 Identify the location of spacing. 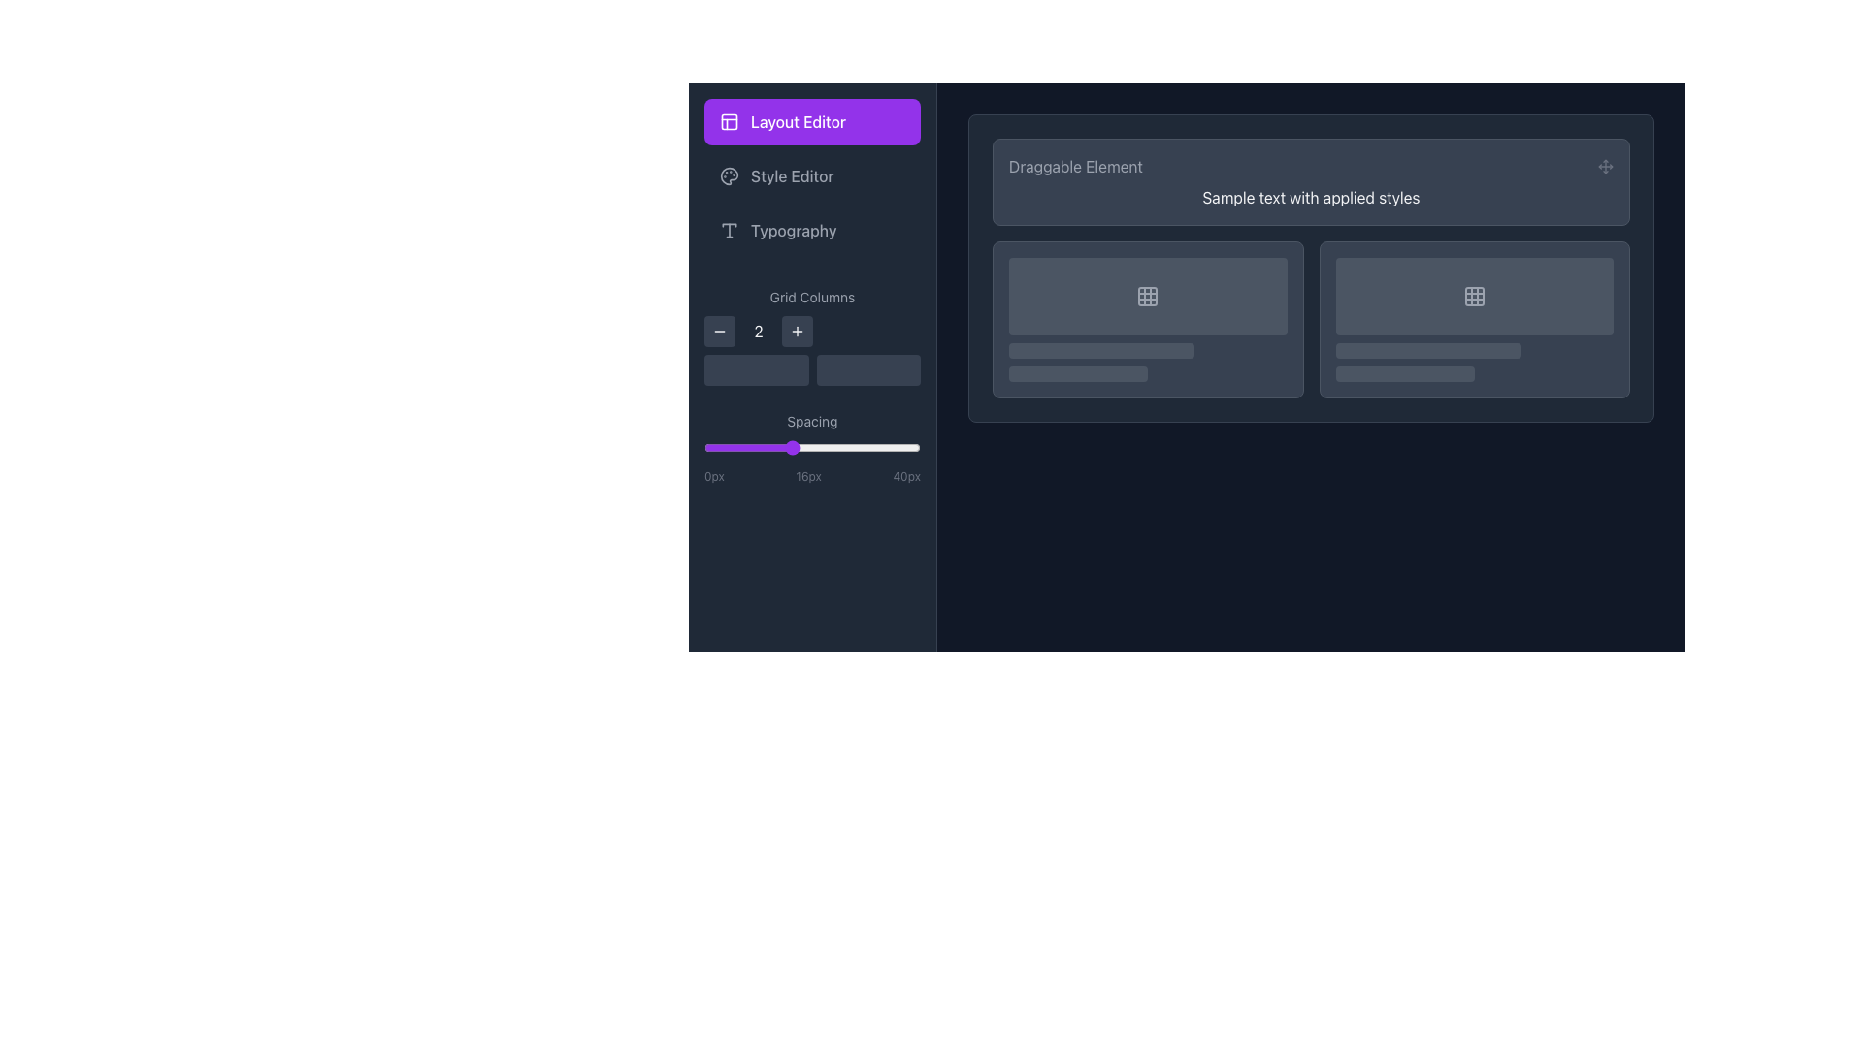
(708, 448).